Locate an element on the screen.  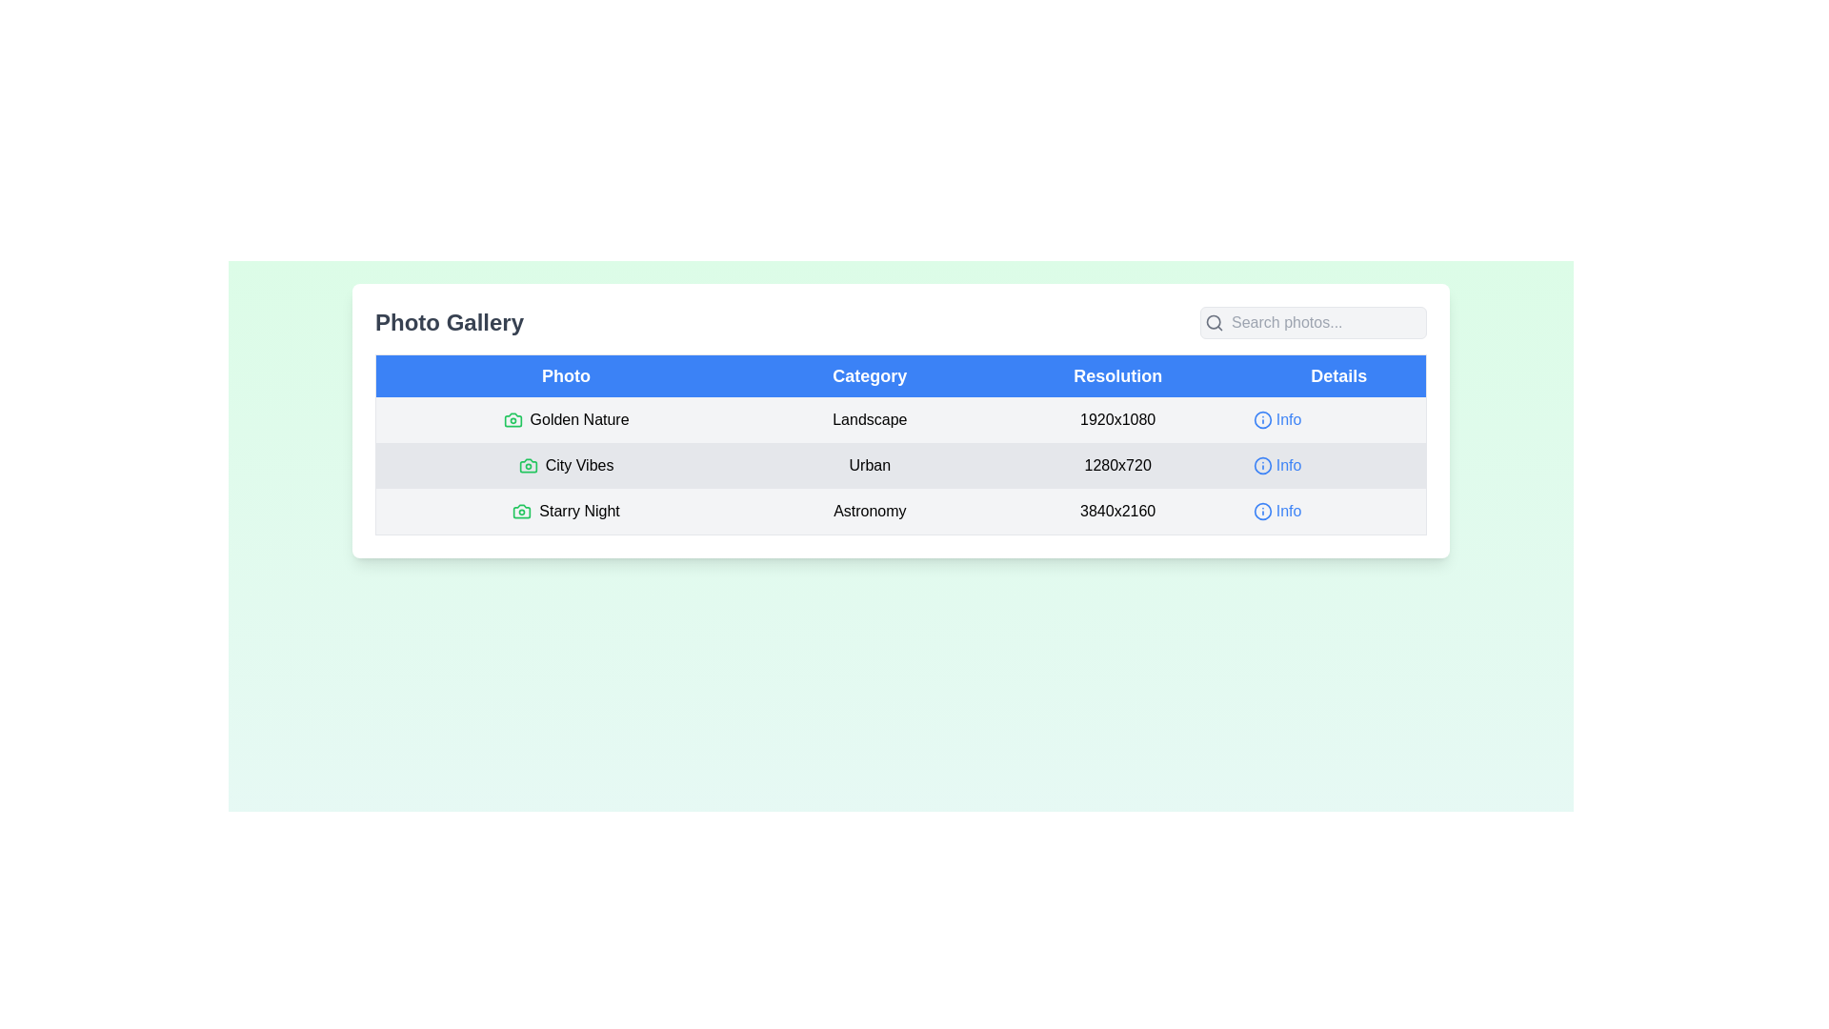
the camera icon in the 'Photo' column of the 'City Vibes' entry is located at coordinates (528, 466).